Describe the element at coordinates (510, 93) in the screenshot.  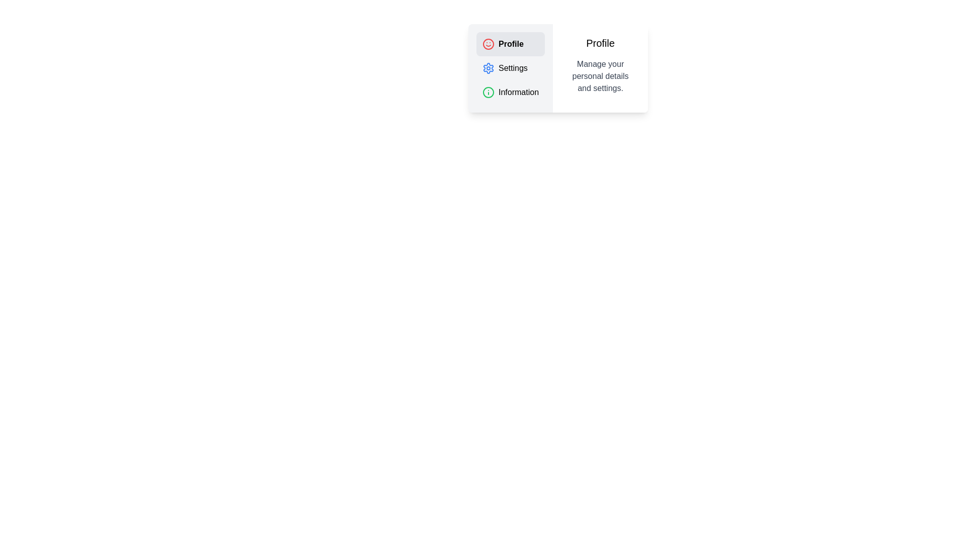
I see `the tab labeled 'Information' to view its content` at that location.